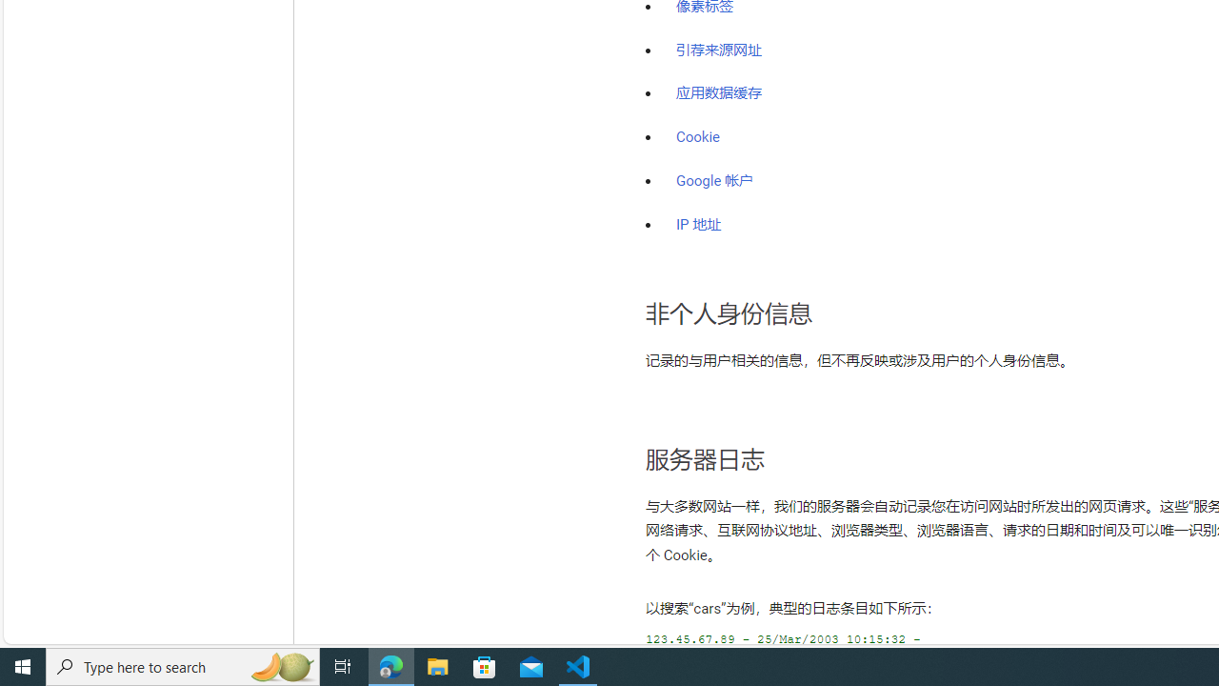 The height and width of the screenshot is (686, 1219). What do you see at coordinates (697, 136) in the screenshot?
I see `'Cookie'` at bounding box center [697, 136].